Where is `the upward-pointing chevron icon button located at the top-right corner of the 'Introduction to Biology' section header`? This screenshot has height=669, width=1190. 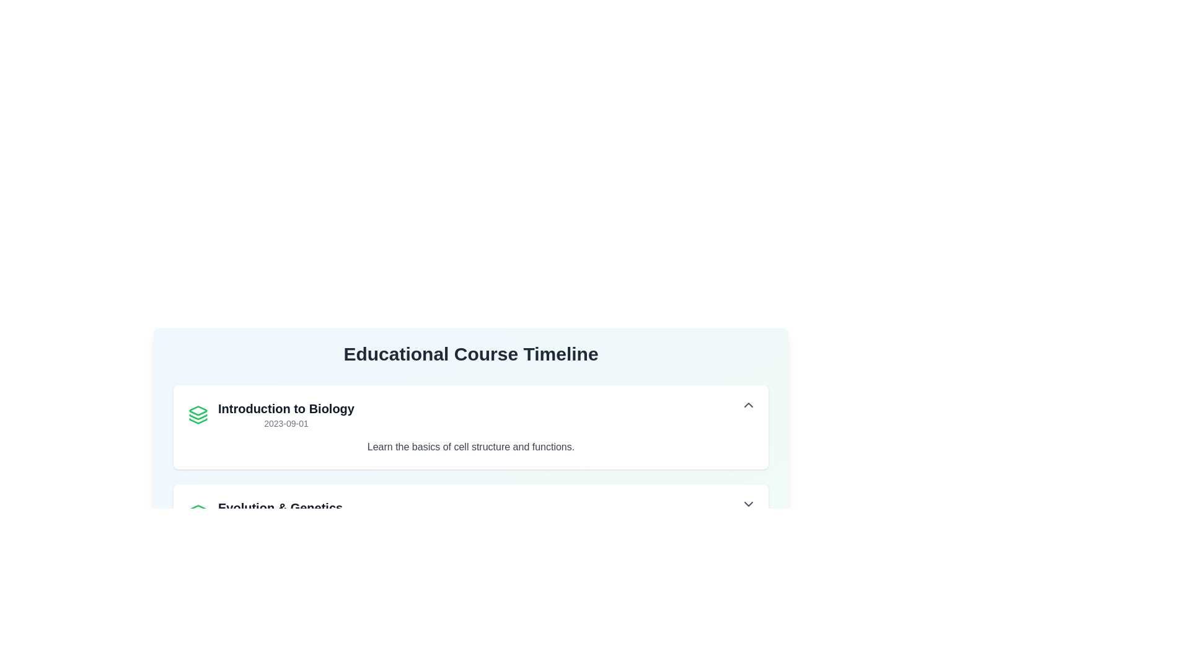 the upward-pointing chevron icon button located at the top-right corner of the 'Introduction to Biology' section header is located at coordinates (748, 405).